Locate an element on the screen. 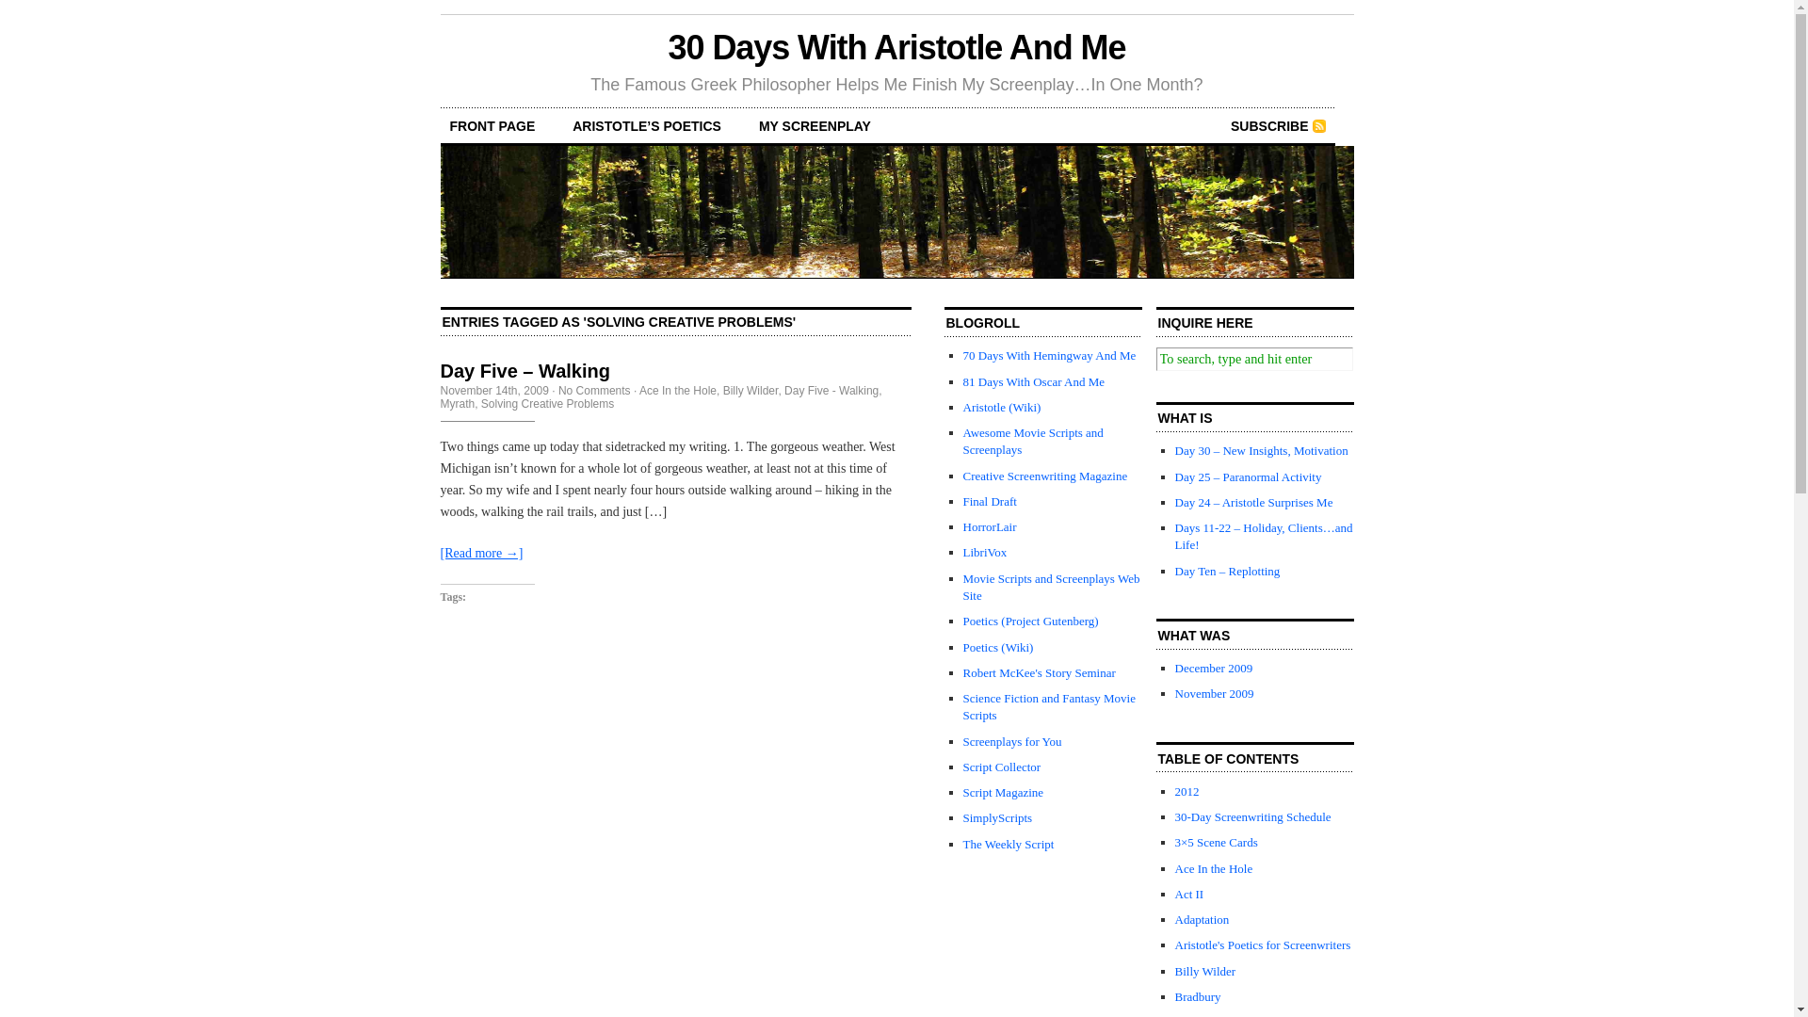  'Adaptation' is located at coordinates (1174, 918).